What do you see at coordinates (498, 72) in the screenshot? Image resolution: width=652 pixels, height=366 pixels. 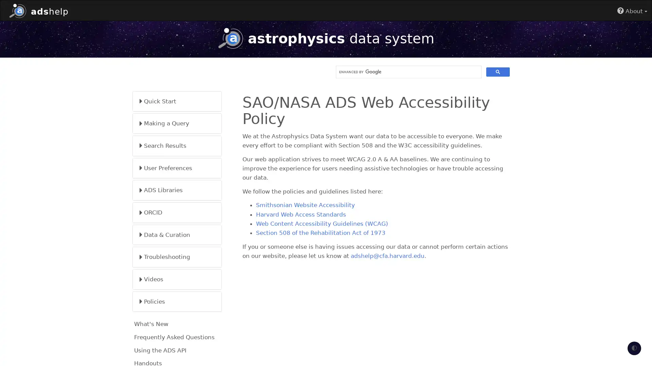 I see `search` at bounding box center [498, 72].